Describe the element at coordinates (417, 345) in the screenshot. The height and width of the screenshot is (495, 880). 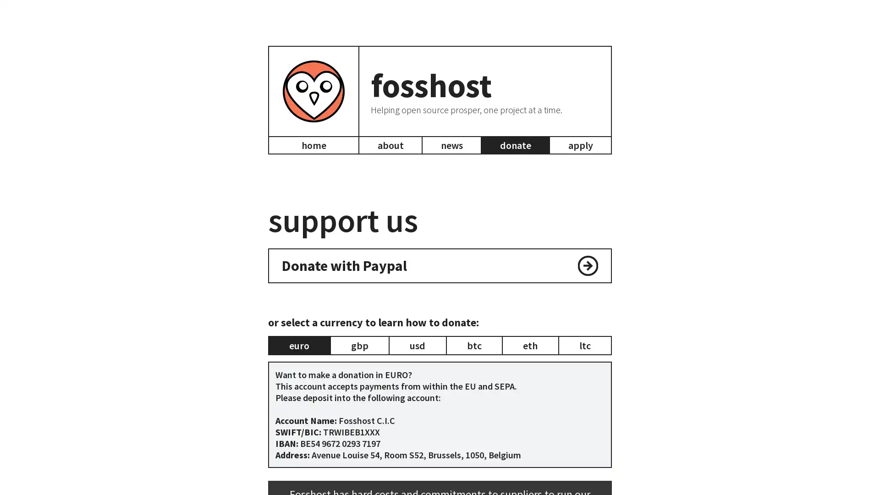
I see `usd` at that location.